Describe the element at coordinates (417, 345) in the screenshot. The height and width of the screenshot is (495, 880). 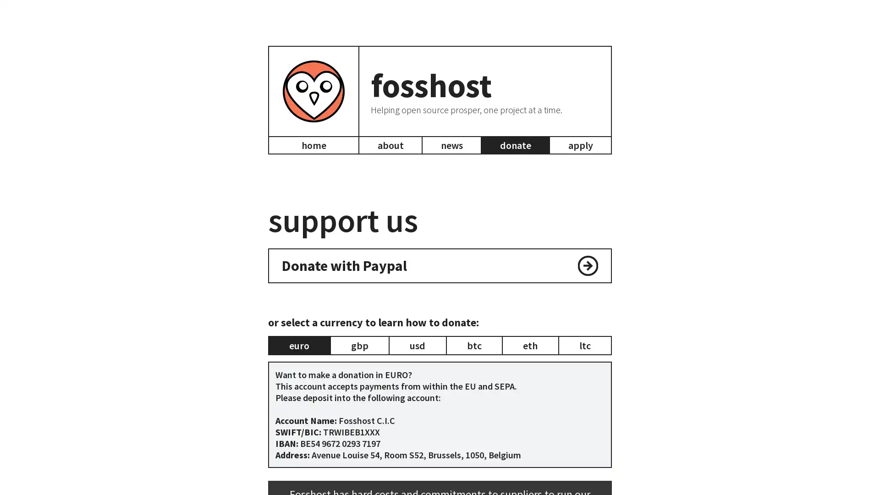
I see `usd` at that location.